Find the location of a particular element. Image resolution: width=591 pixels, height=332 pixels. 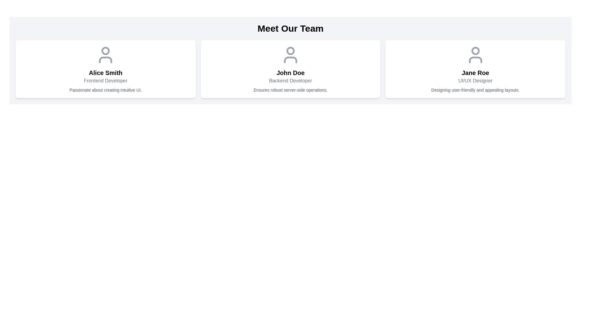

the user silhouette icon located at the top center of the card belonging to 'John Doe', above the text 'Backend Developer' is located at coordinates (290, 54).